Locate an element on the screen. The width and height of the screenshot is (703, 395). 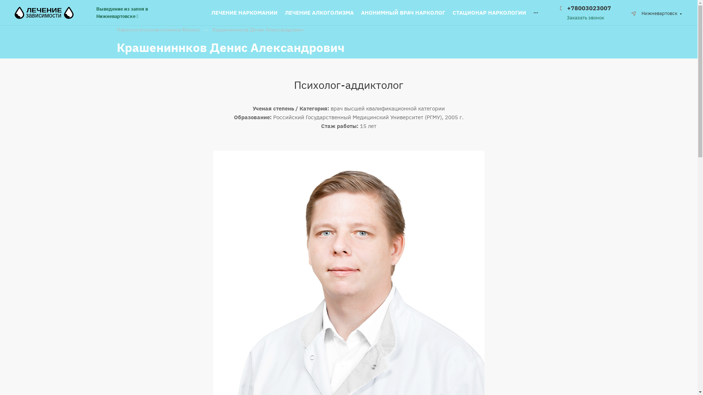
'+78003023007' is located at coordinates (585, 8).